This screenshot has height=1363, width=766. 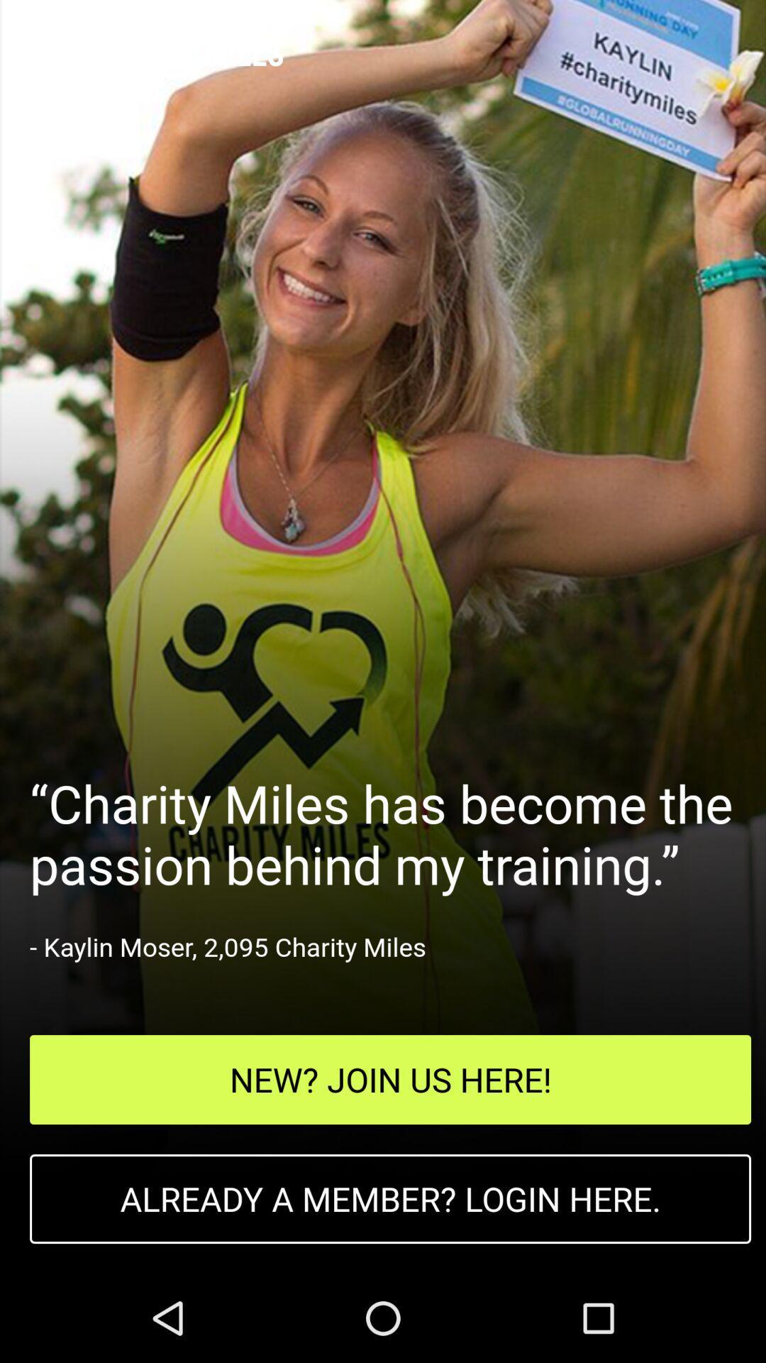 I want to click on the icon above the already a member item, so click(x=390, y=1079).